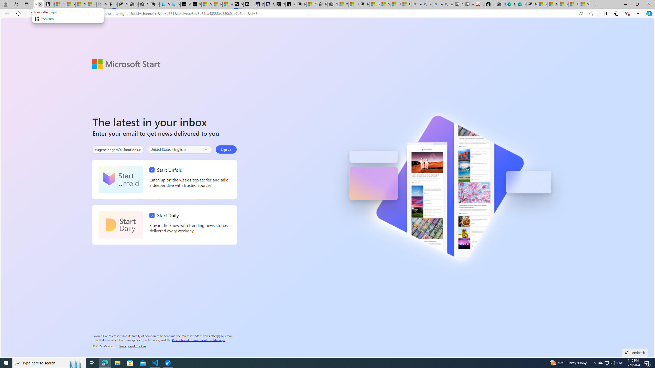  I want to click on 'Promotional Communications Manager', so click(198, 339).